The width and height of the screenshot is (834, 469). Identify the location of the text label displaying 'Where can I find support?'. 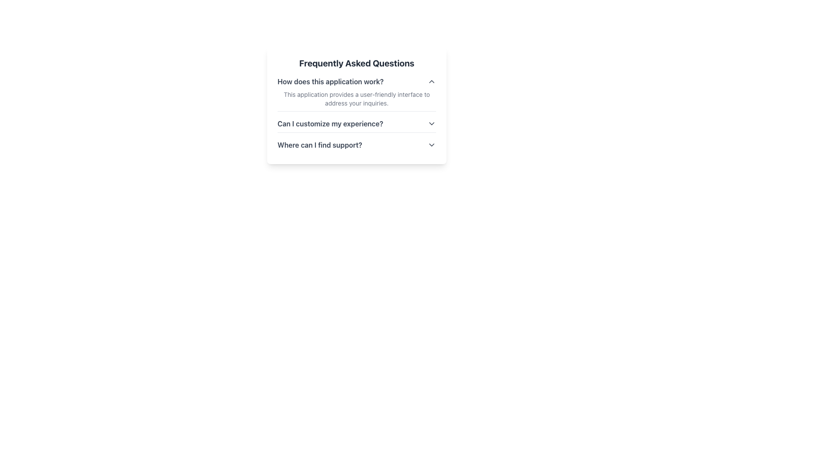
(319, 145).